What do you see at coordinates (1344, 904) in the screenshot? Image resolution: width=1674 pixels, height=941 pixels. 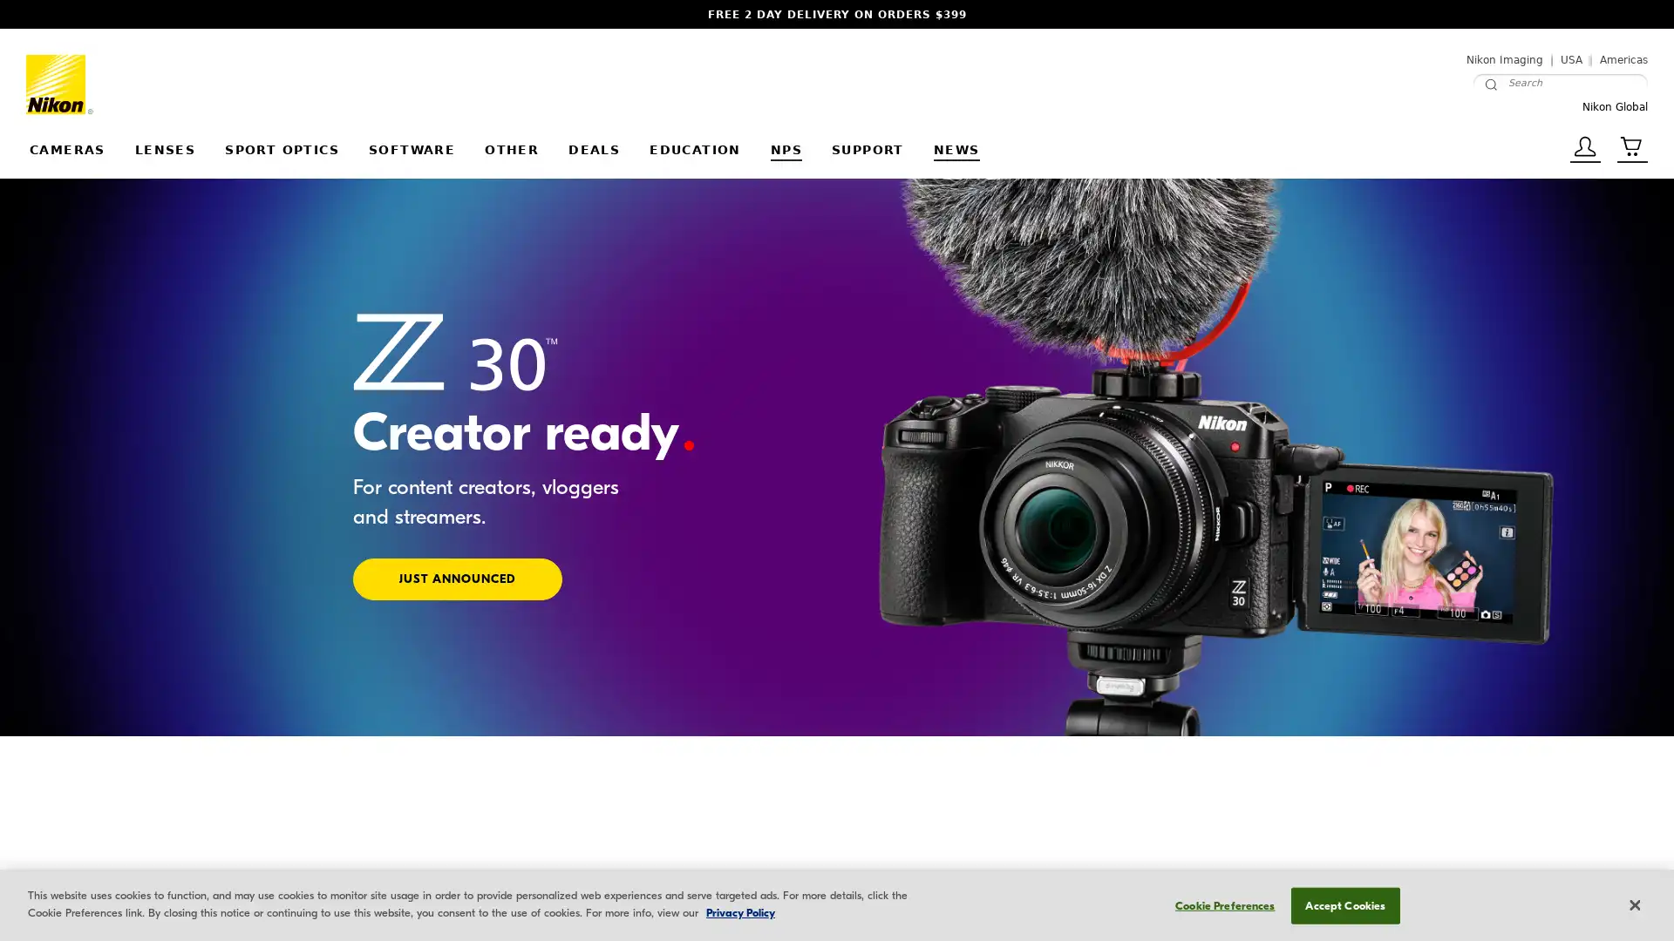 I see `Accept Cookies` at bounding box center [1344, 904].